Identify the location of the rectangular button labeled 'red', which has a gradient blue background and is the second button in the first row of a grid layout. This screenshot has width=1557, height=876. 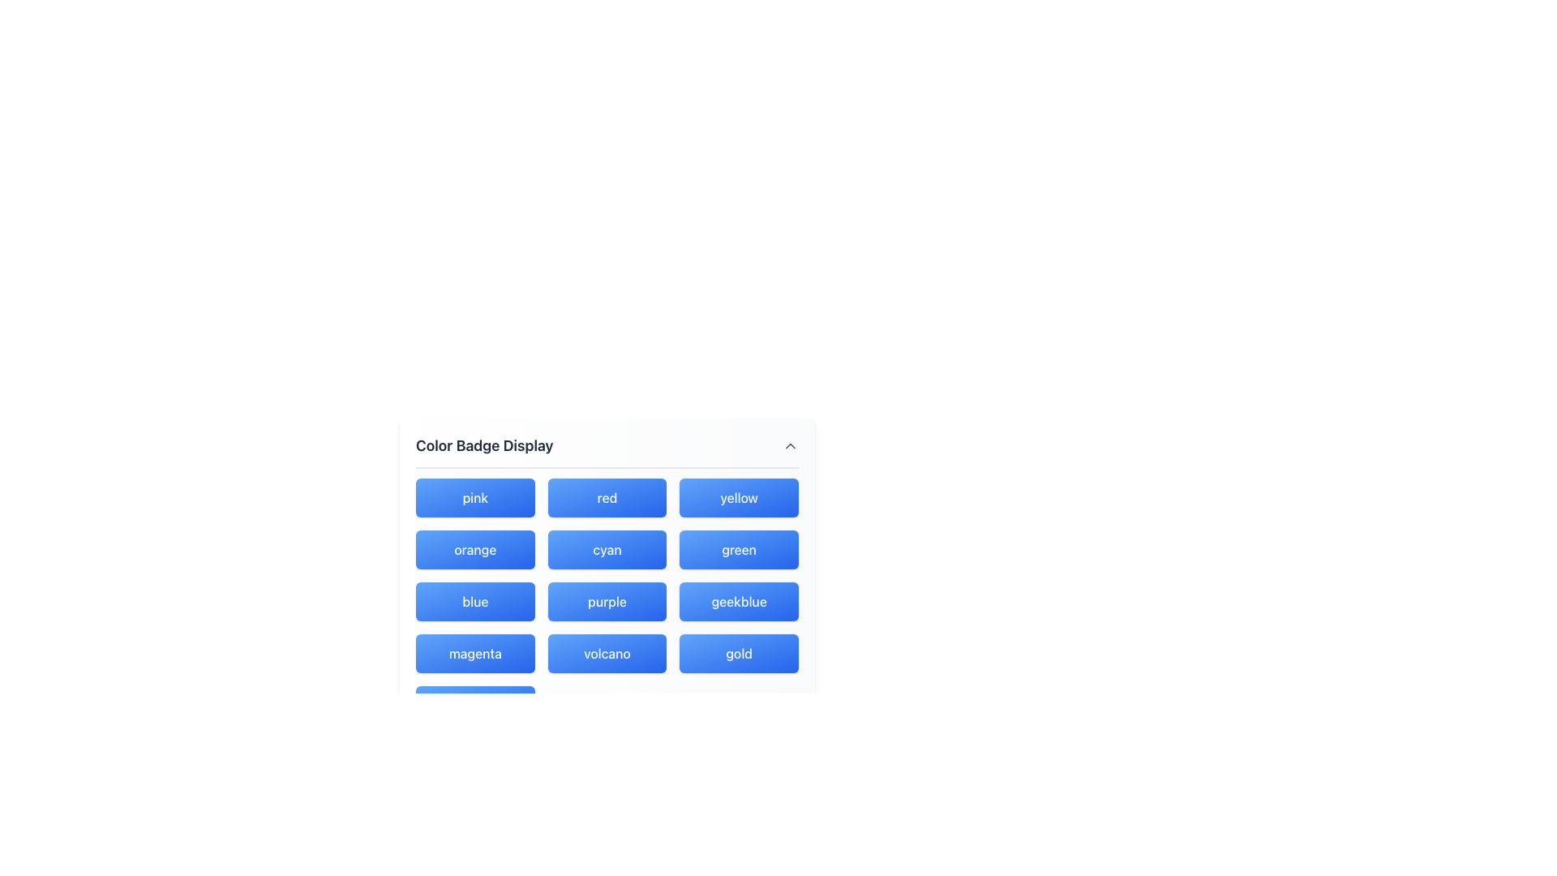
(606, 496).